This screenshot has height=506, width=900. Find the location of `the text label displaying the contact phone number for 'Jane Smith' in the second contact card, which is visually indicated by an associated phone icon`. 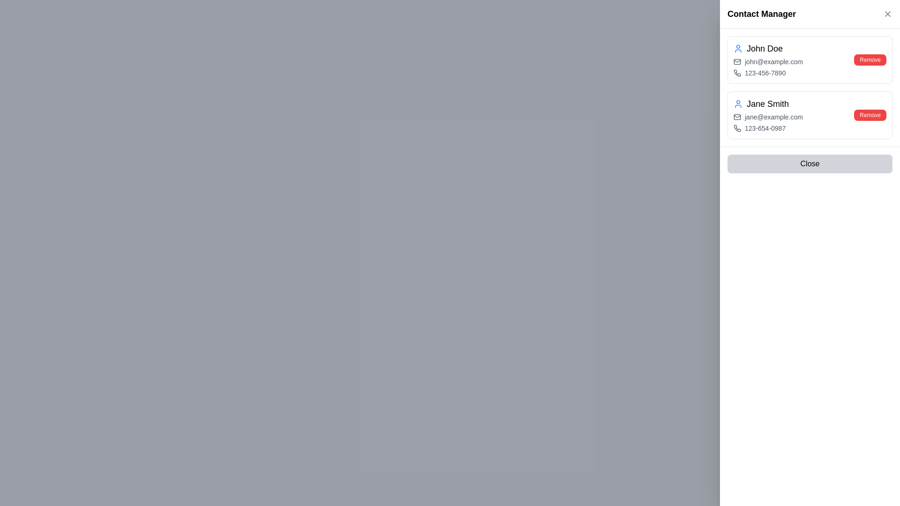

the text label displaying the contact phone number for 'Jane Smith' in the second contact card, which is visually indicated by an associated phone icon is located at coordinates (768, 128).